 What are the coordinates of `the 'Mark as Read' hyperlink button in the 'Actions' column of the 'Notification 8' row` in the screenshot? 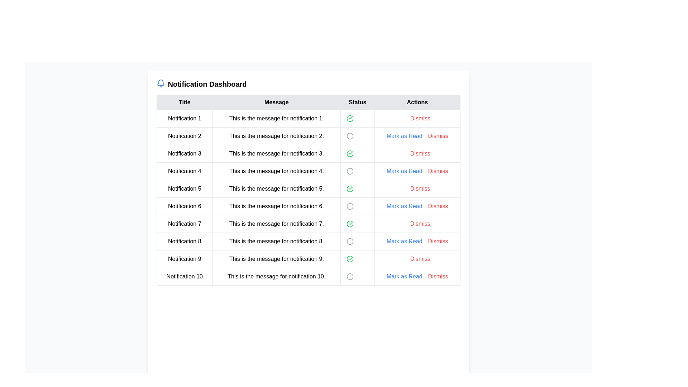 It's located at (417, 242).